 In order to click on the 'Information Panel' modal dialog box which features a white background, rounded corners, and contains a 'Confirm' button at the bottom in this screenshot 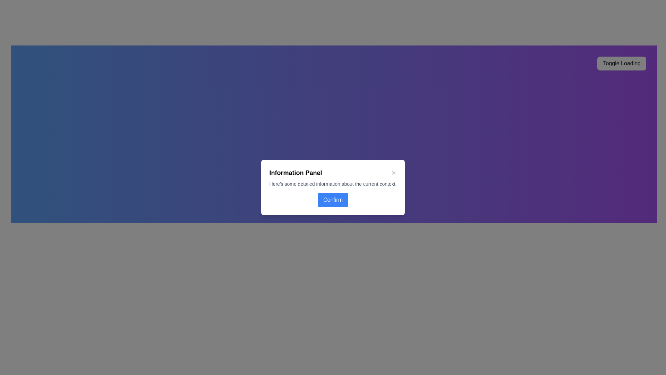, I will do `click(333, 187)`.